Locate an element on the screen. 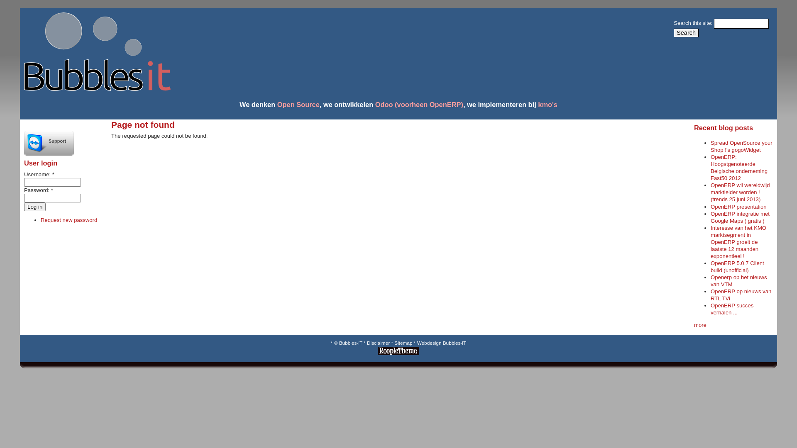 Image resolution: width=797 pixels, height=448 pixels. 'more' is located at coordinates (699, 324).